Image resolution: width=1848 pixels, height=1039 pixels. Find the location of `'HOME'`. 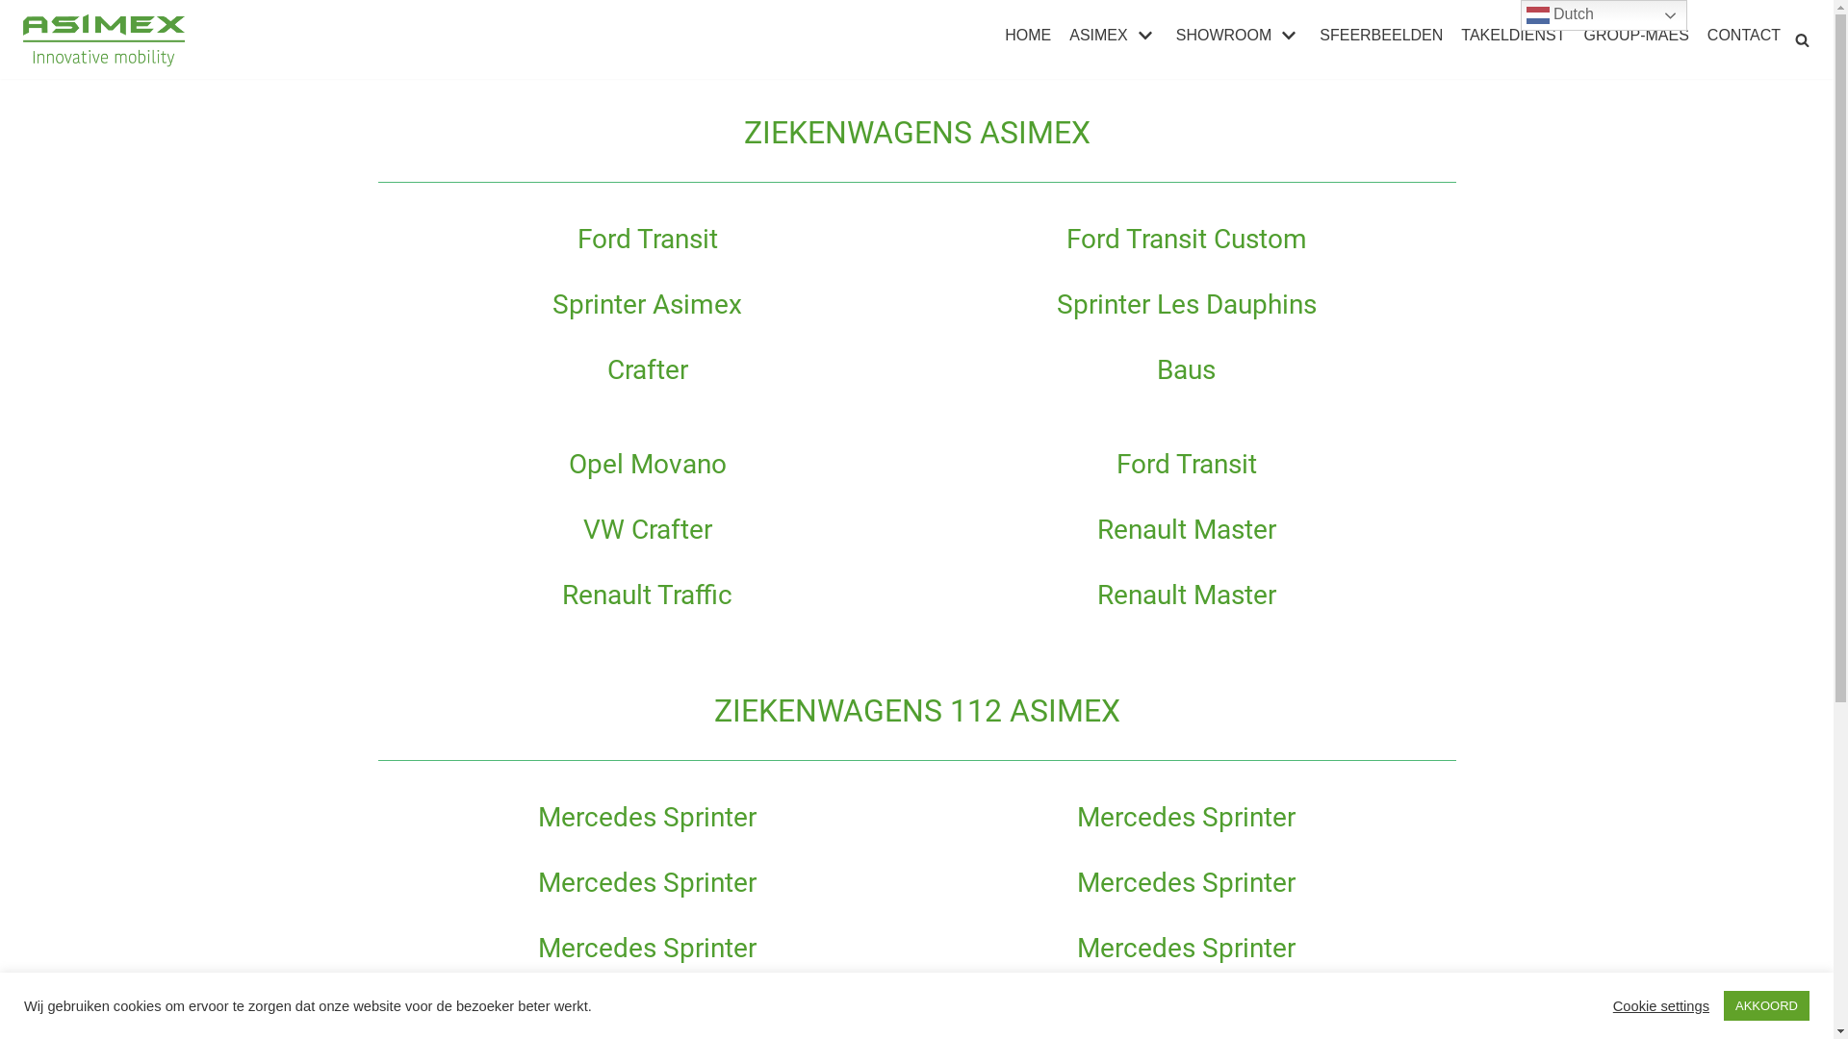

'HOME' is located at coordinates (1026, 36).